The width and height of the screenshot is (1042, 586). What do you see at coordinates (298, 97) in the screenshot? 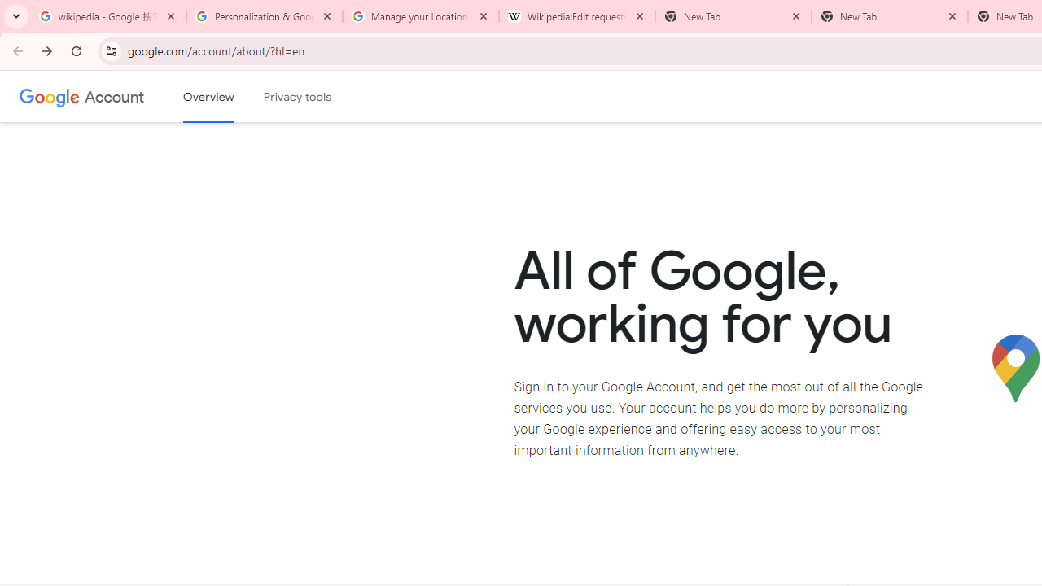
I see `'Privacy tools'` at bounding box center [298, 97].